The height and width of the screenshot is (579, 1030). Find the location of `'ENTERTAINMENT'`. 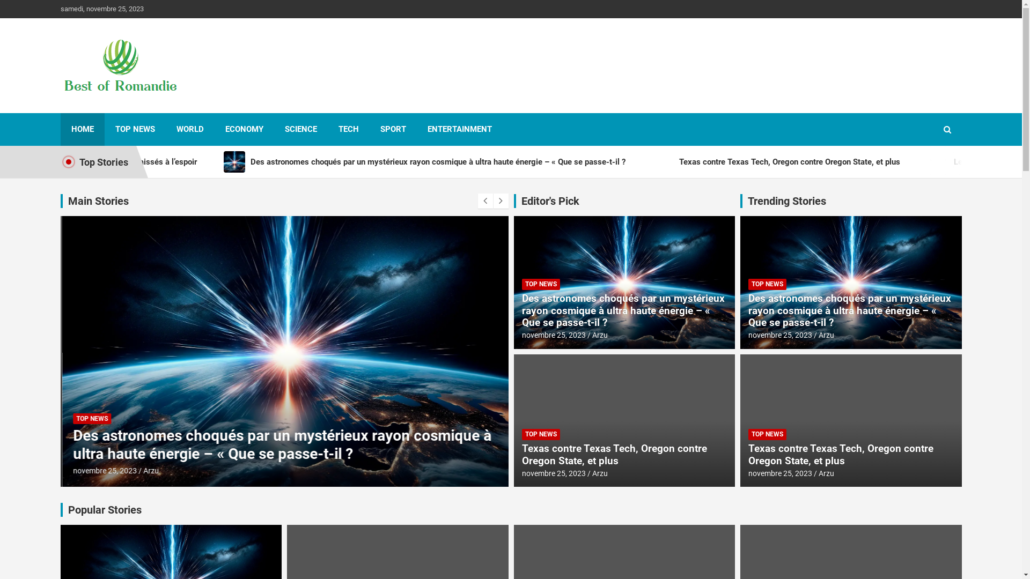

'ENTERTAINMENT' is located at coordinates (459, 129).